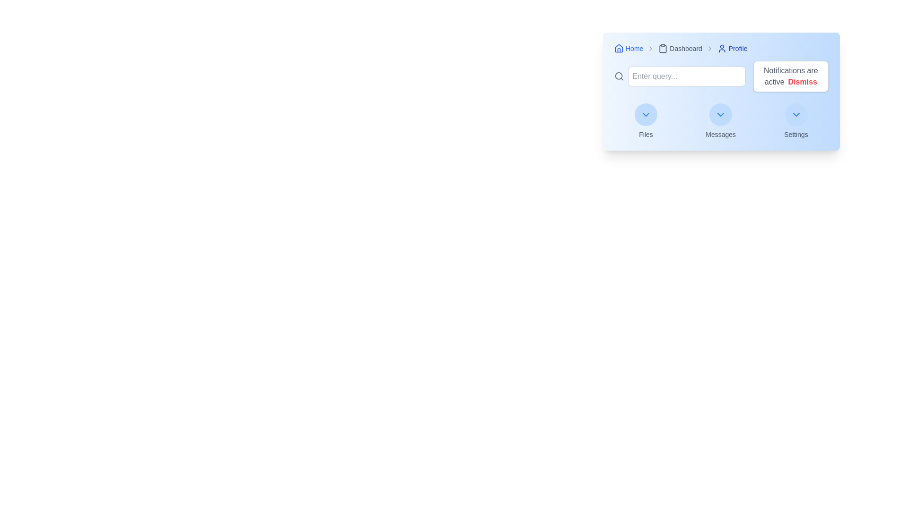  Describe the element at coordinates (720, 114) in the screenshot. I see `the dropdown trigger icon located at the center of the circular button labeled 'Messages' in the bottom middle section of the UI` at that location.